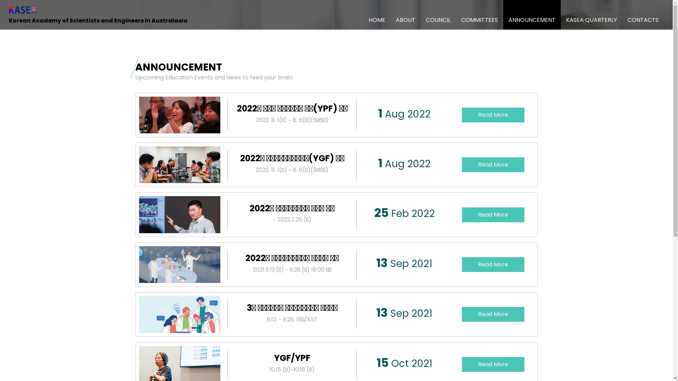 Image resolution: width=678 pixels, height=381 pixels. What do you see at coordinates (532, 15) in the screenshot?
I see `'ANNOUNCEMENT'` at bounding box center [532, 15].